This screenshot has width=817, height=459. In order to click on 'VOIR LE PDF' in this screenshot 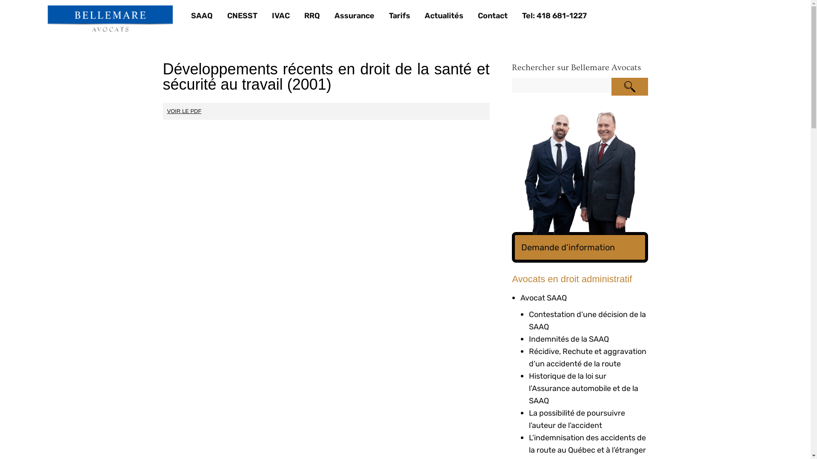, I will do `click(184, 110)`.